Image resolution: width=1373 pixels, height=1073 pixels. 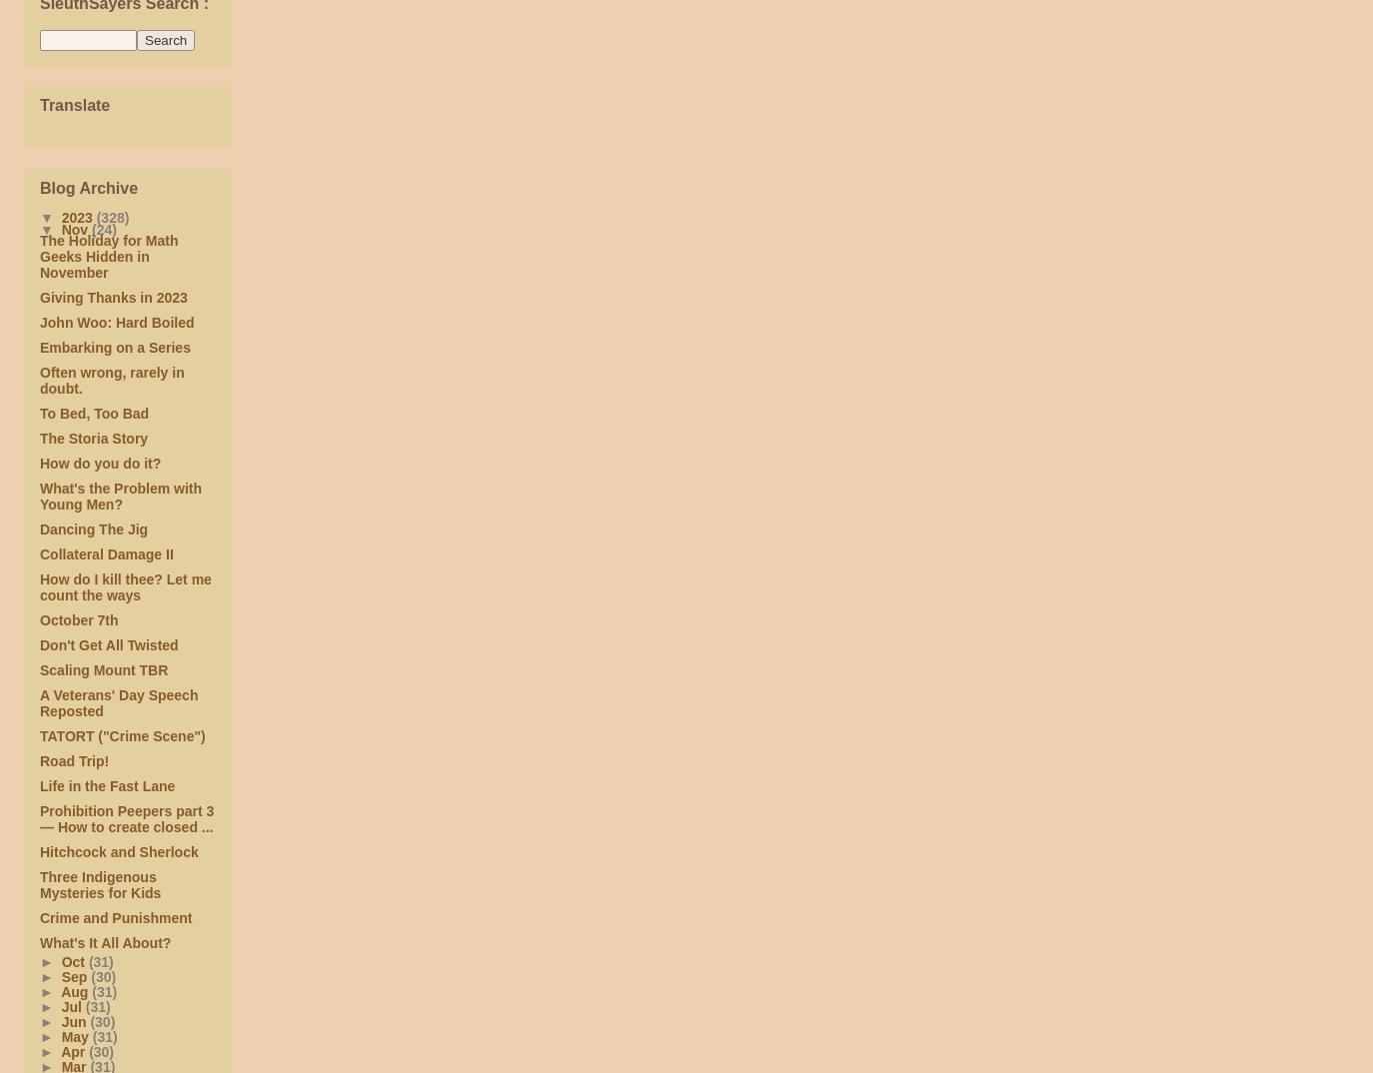 What do you see at coordinates (38, 760) in the screenshot?
I see `'Road Trip!'` at bounding box center [38, 760].